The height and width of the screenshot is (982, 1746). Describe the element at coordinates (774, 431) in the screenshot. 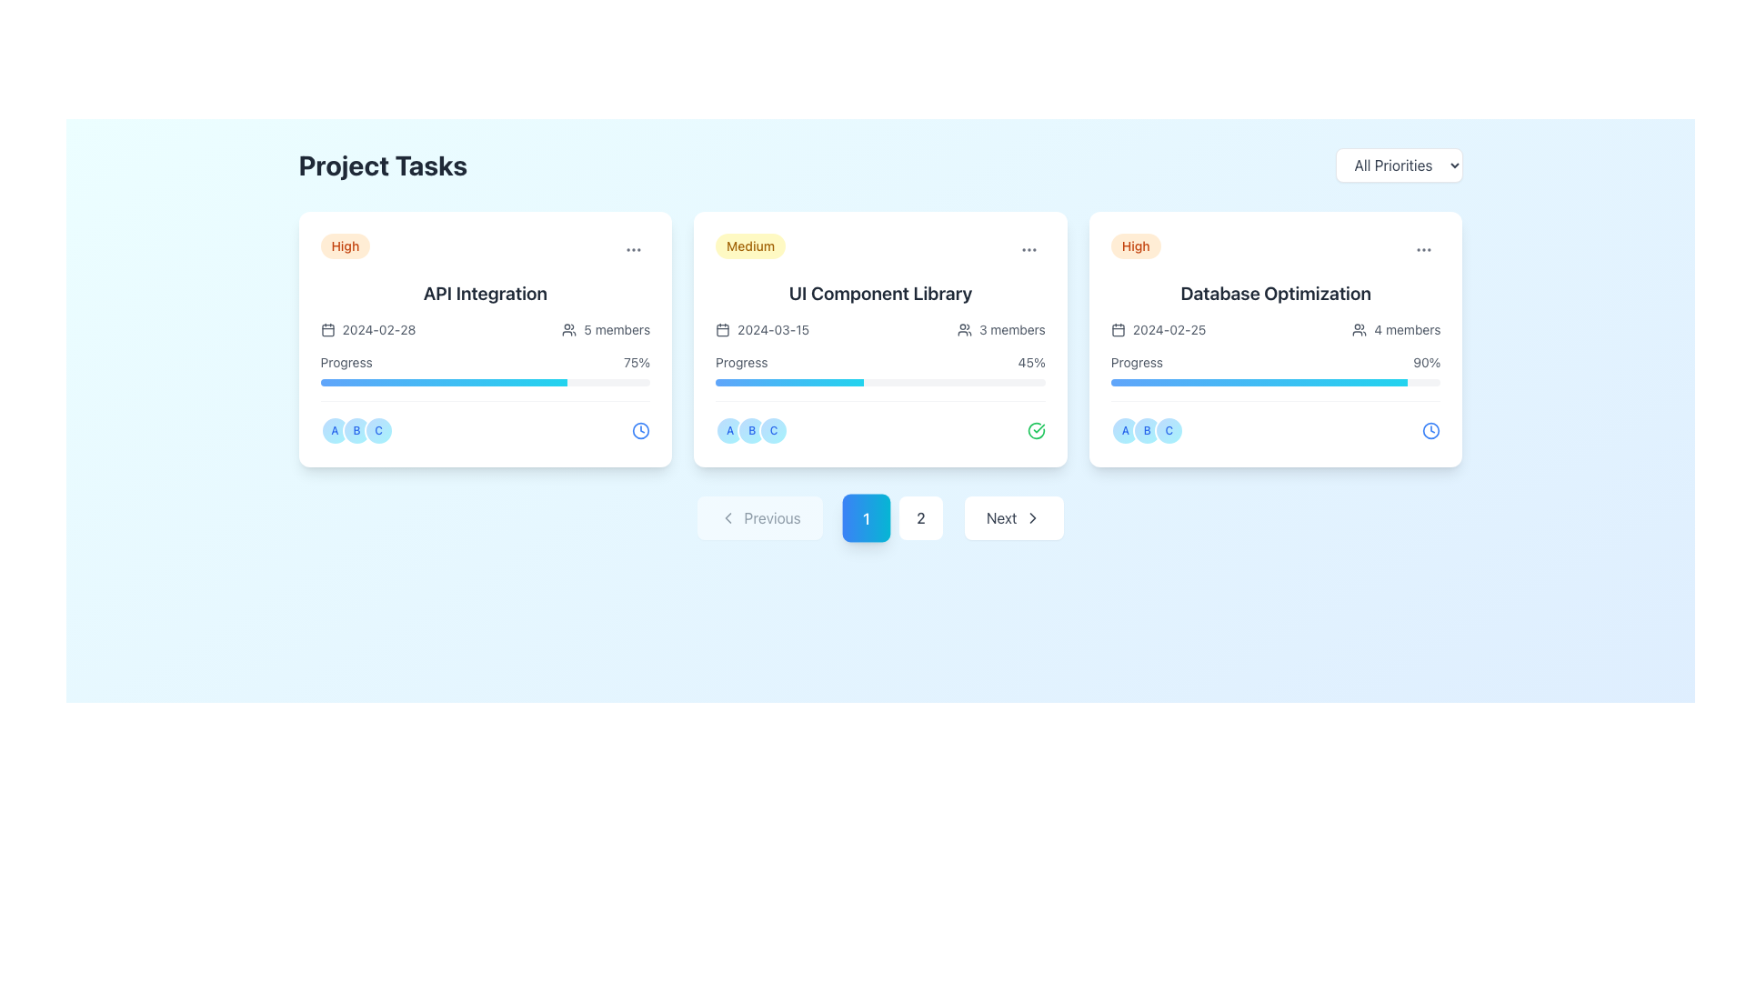

I see `the small circular badge with a gradient background transitioning from blue to cyan, containing the letter 'C' in blue text, located at the specified coordinates` at that location.